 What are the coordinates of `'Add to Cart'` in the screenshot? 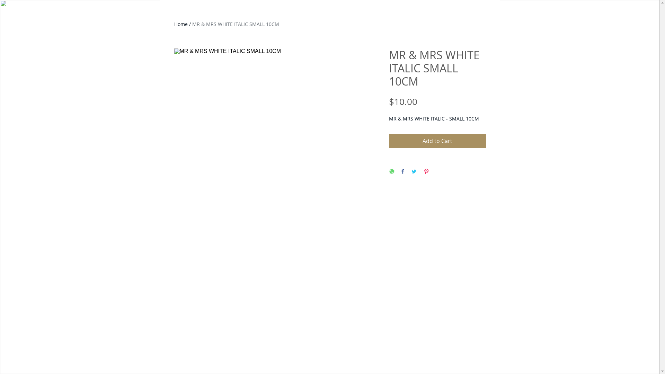 It's located at (437, 141).